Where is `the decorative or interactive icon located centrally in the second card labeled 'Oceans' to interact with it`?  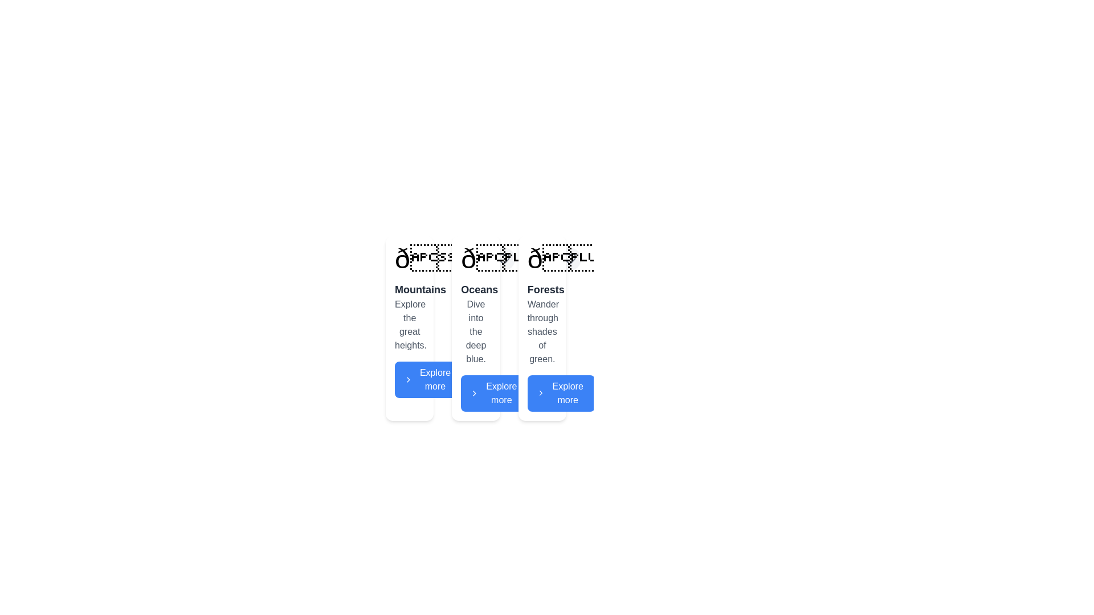 the decorative or interactive icon located centrally in the second card labeled 'Oceans' to interact with it is located at coordinates (503, 259).